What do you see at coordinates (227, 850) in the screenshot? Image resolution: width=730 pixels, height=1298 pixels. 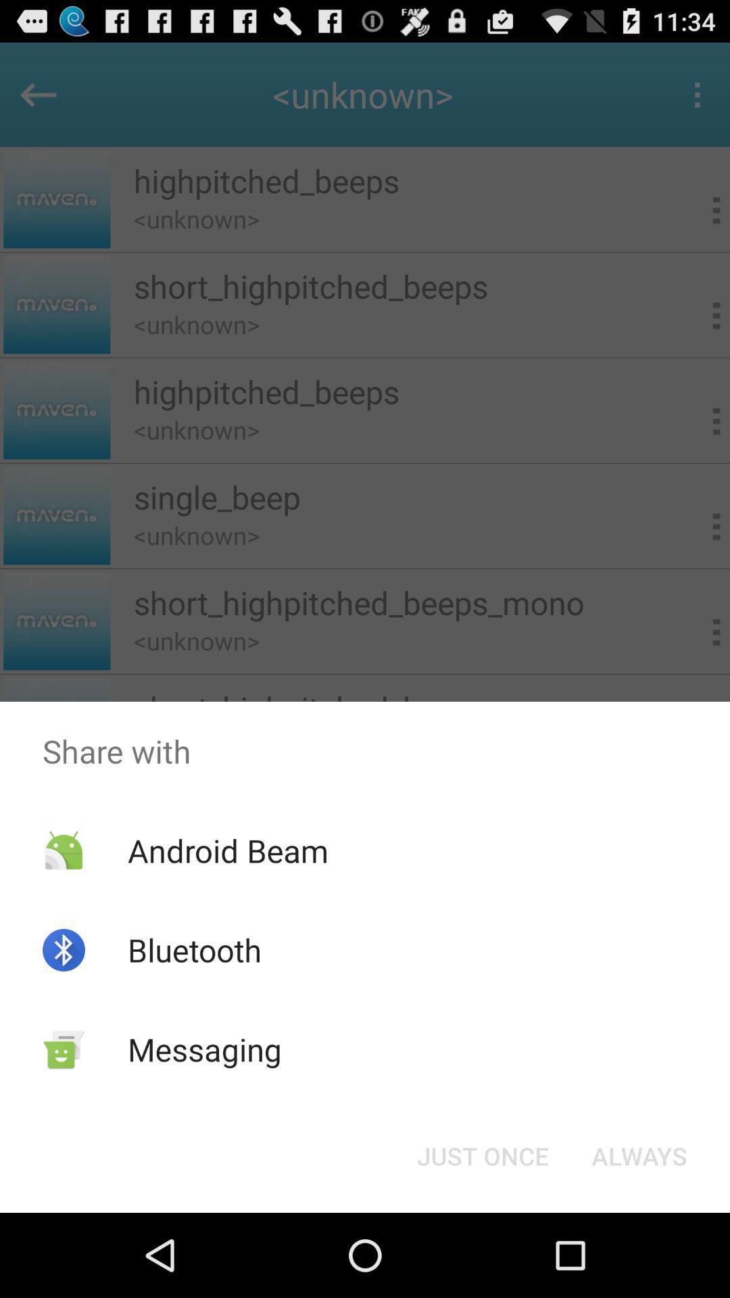 I see `the app above the bluetooth app` at bounding box center [227, 850].